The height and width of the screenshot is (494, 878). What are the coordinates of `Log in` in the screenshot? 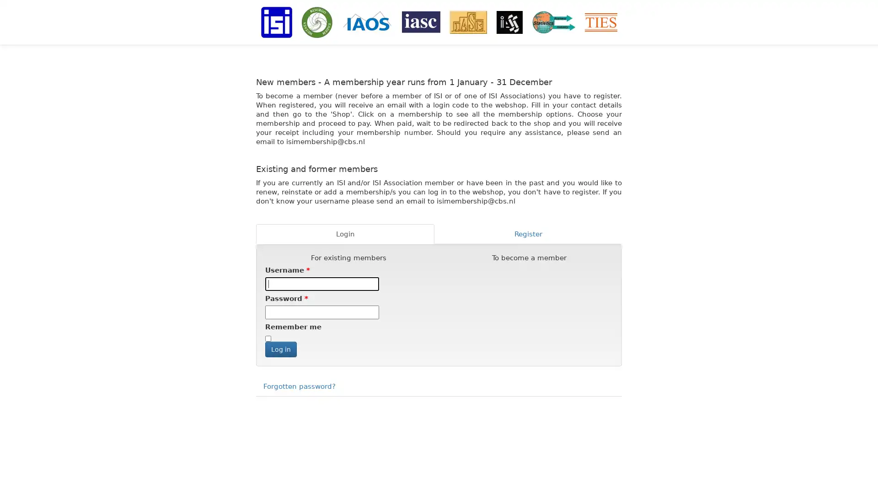 It's located at (280, 349).